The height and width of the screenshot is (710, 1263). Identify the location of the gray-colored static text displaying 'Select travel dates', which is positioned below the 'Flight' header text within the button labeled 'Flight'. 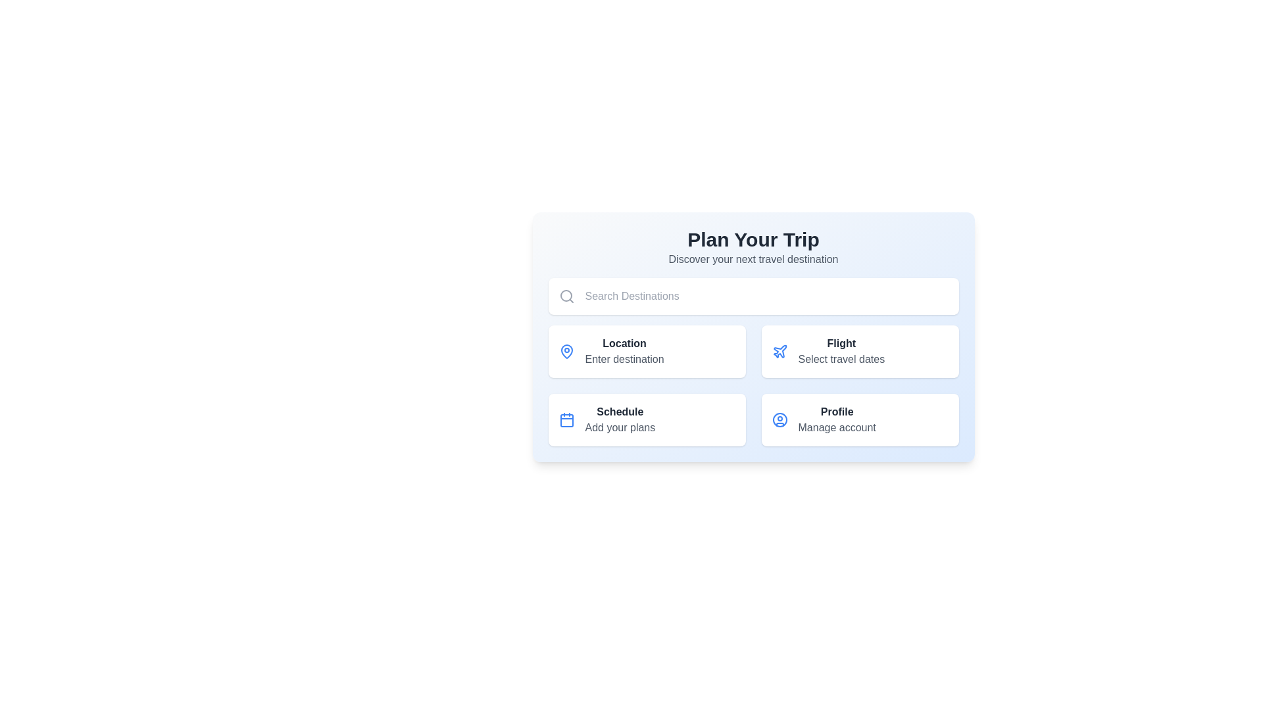
(841, 360).